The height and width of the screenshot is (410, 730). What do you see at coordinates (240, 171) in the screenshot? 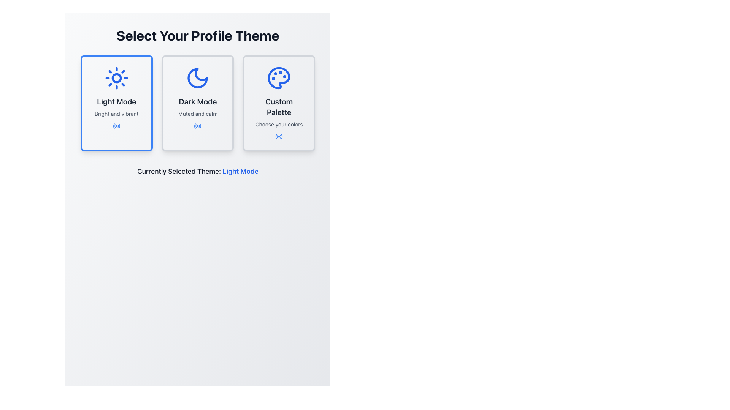
I see `content displayed in the text indicating the currently selected theme, which is presented in blue font below the theme selection cards` at bounding box center [240, 171].